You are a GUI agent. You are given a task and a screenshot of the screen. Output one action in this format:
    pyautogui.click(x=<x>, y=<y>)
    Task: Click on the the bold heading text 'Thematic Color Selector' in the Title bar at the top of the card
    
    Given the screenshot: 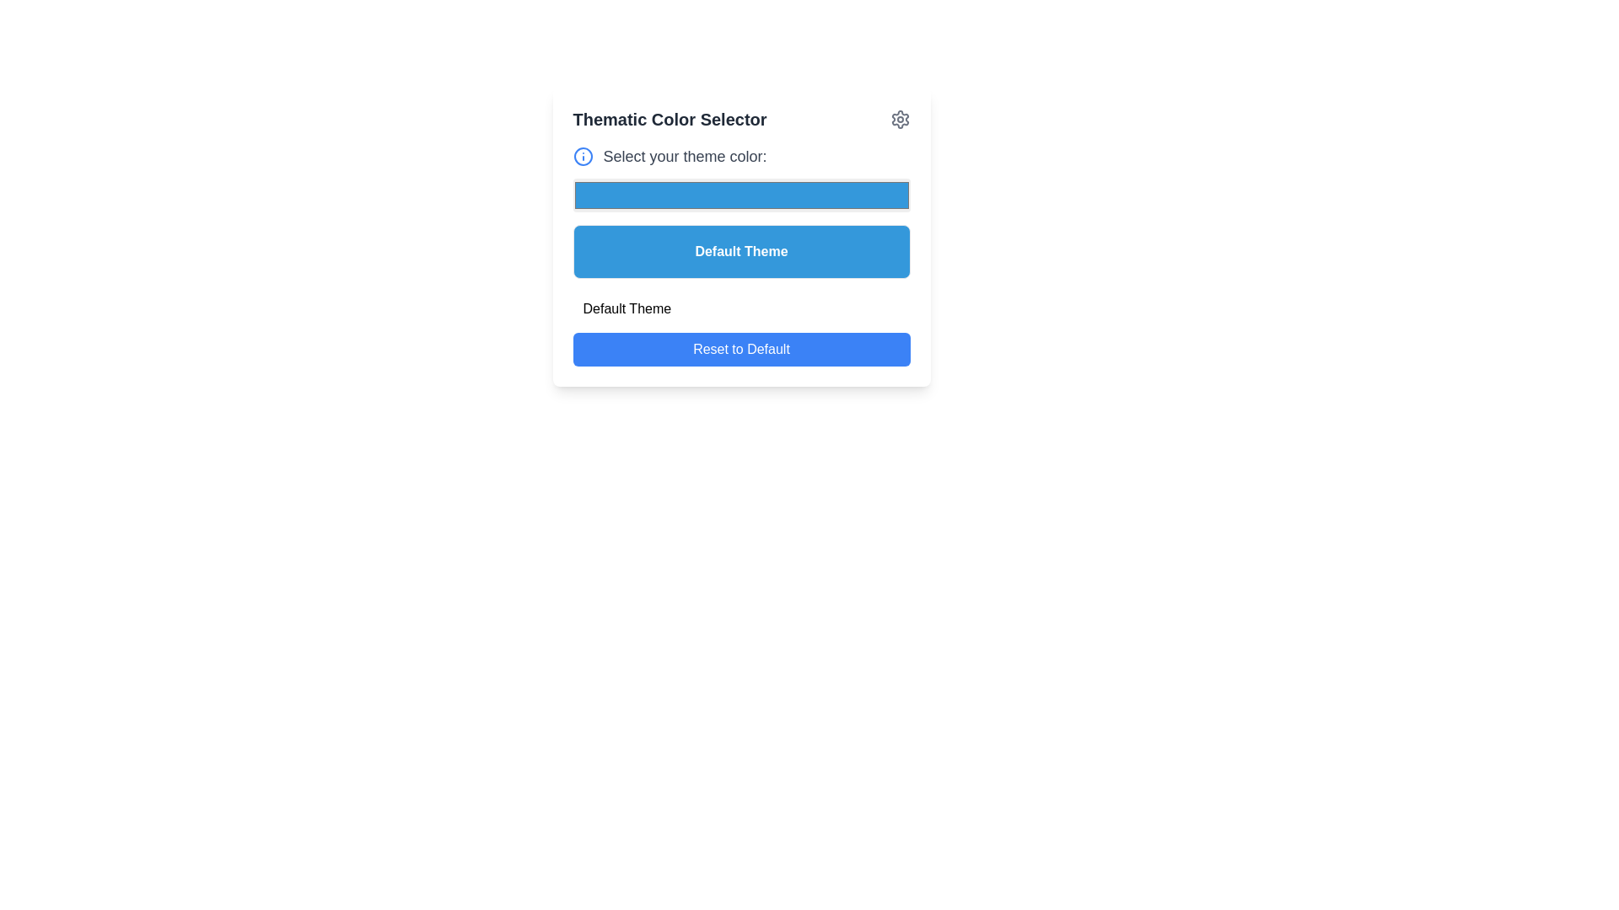 What is the action you would take?
    pyautogui.click(x=741, y=119)
    